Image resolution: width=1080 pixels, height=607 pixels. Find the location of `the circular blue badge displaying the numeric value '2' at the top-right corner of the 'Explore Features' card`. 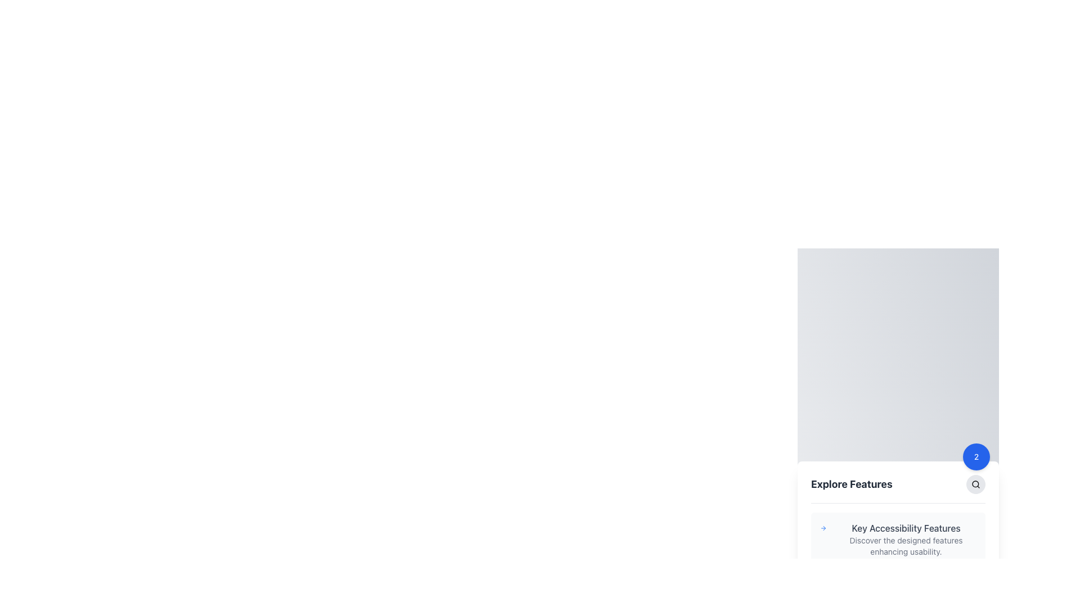

the circular blue badge displaying the numeric value '2' at the top-right corner of the 'Explore Features' card is located at coordinates (976, 456).